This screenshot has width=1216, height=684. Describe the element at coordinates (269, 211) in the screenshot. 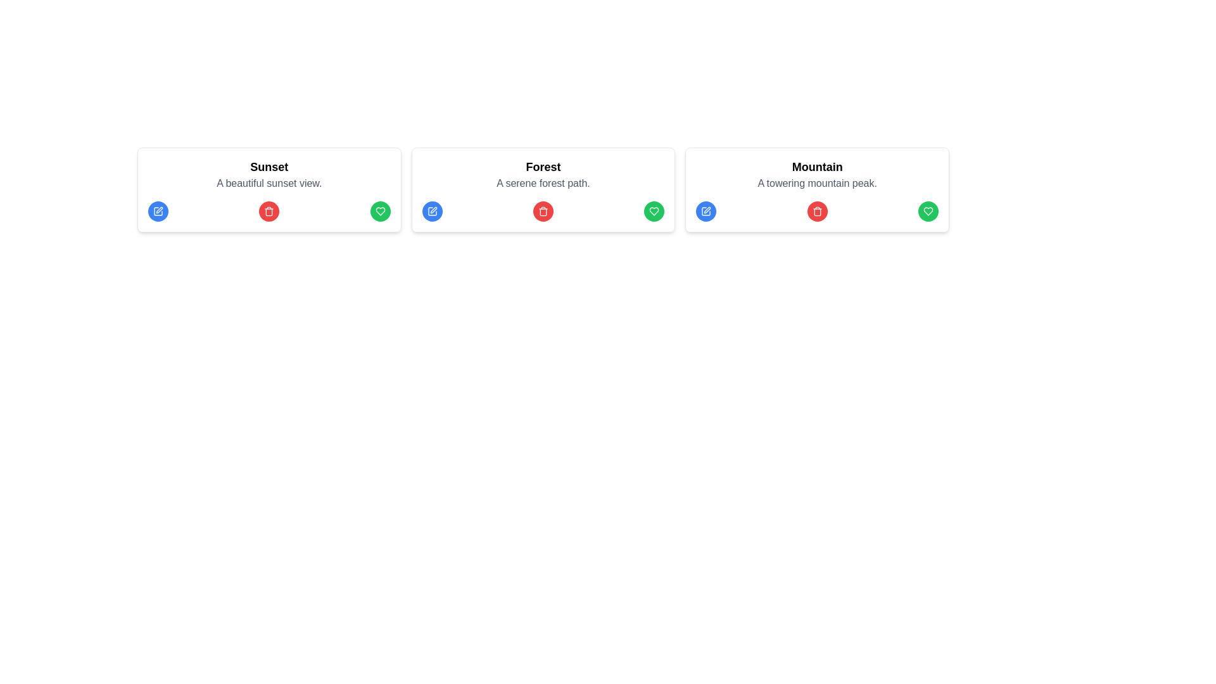

I see `the center circular button` at that location.